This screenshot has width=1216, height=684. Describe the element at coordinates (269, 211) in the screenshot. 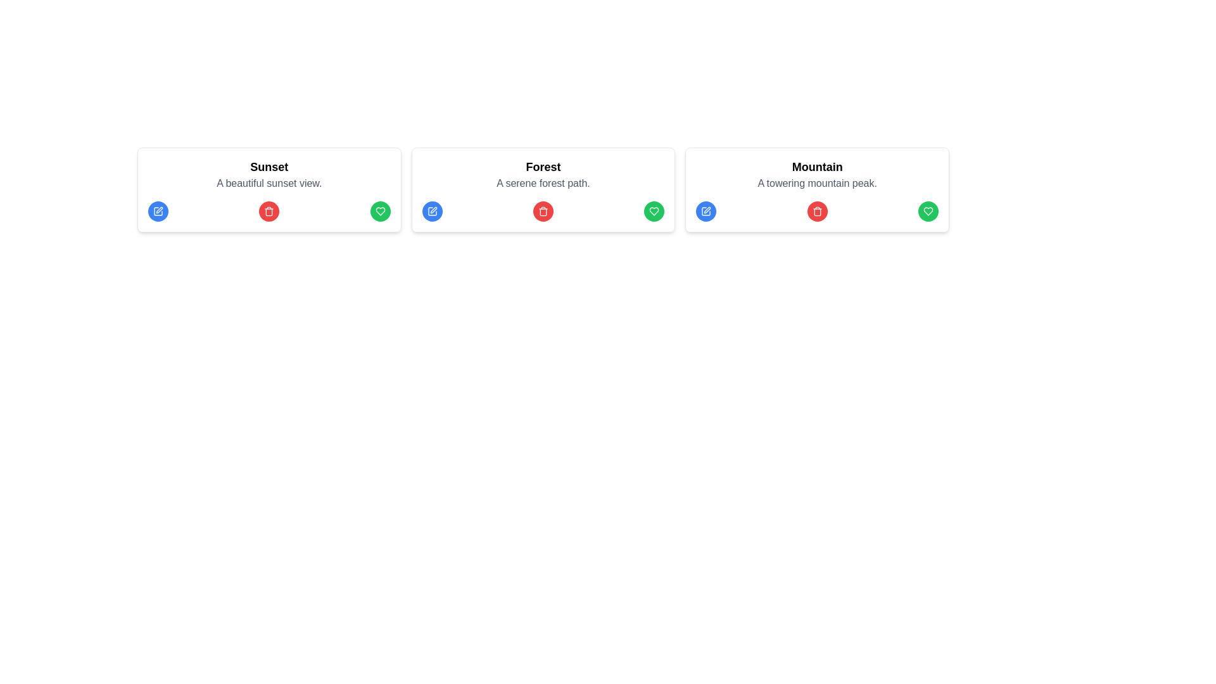

I see `the center circular button` at that location.